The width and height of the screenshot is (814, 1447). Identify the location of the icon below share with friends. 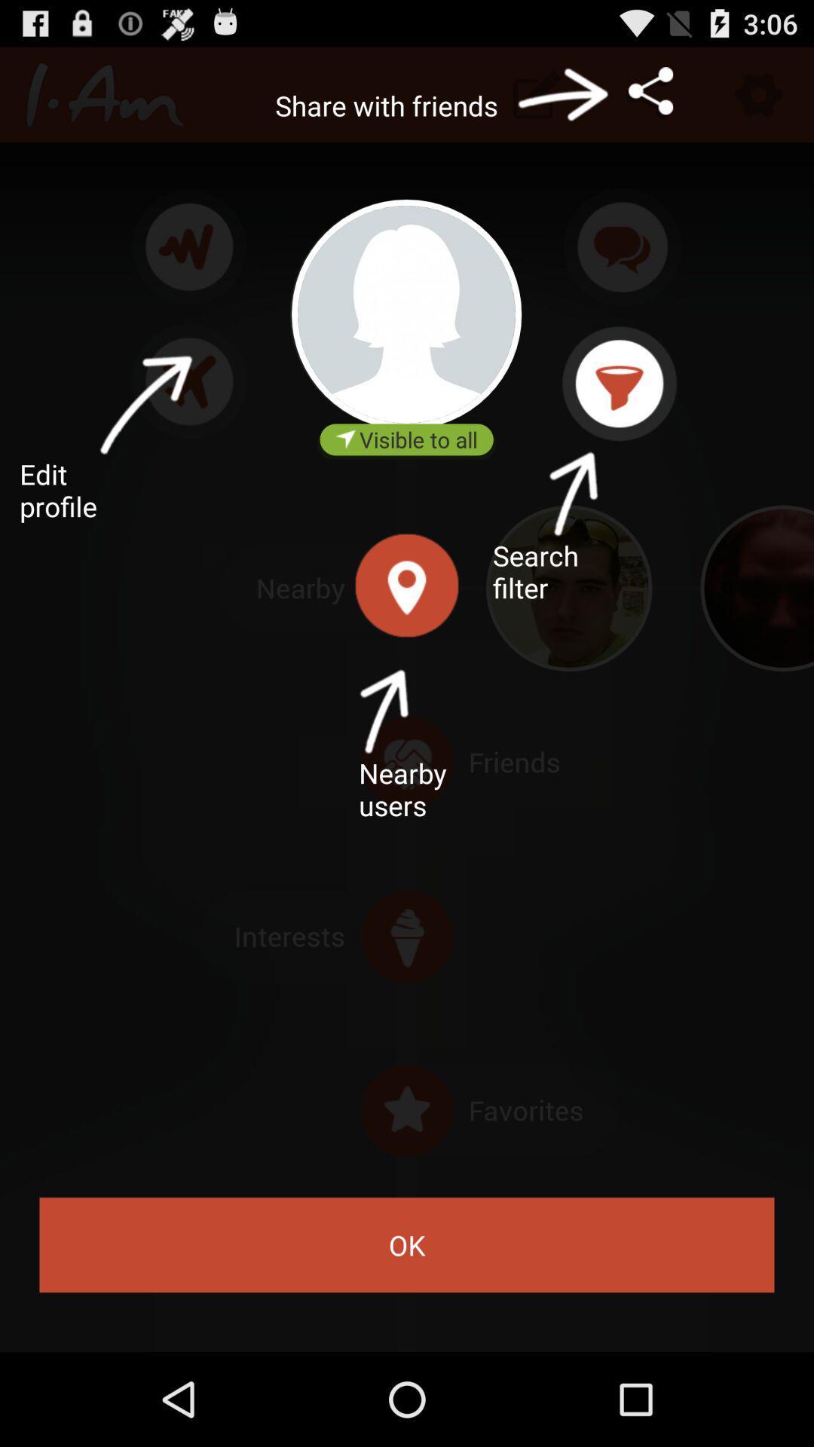
(405, 314).